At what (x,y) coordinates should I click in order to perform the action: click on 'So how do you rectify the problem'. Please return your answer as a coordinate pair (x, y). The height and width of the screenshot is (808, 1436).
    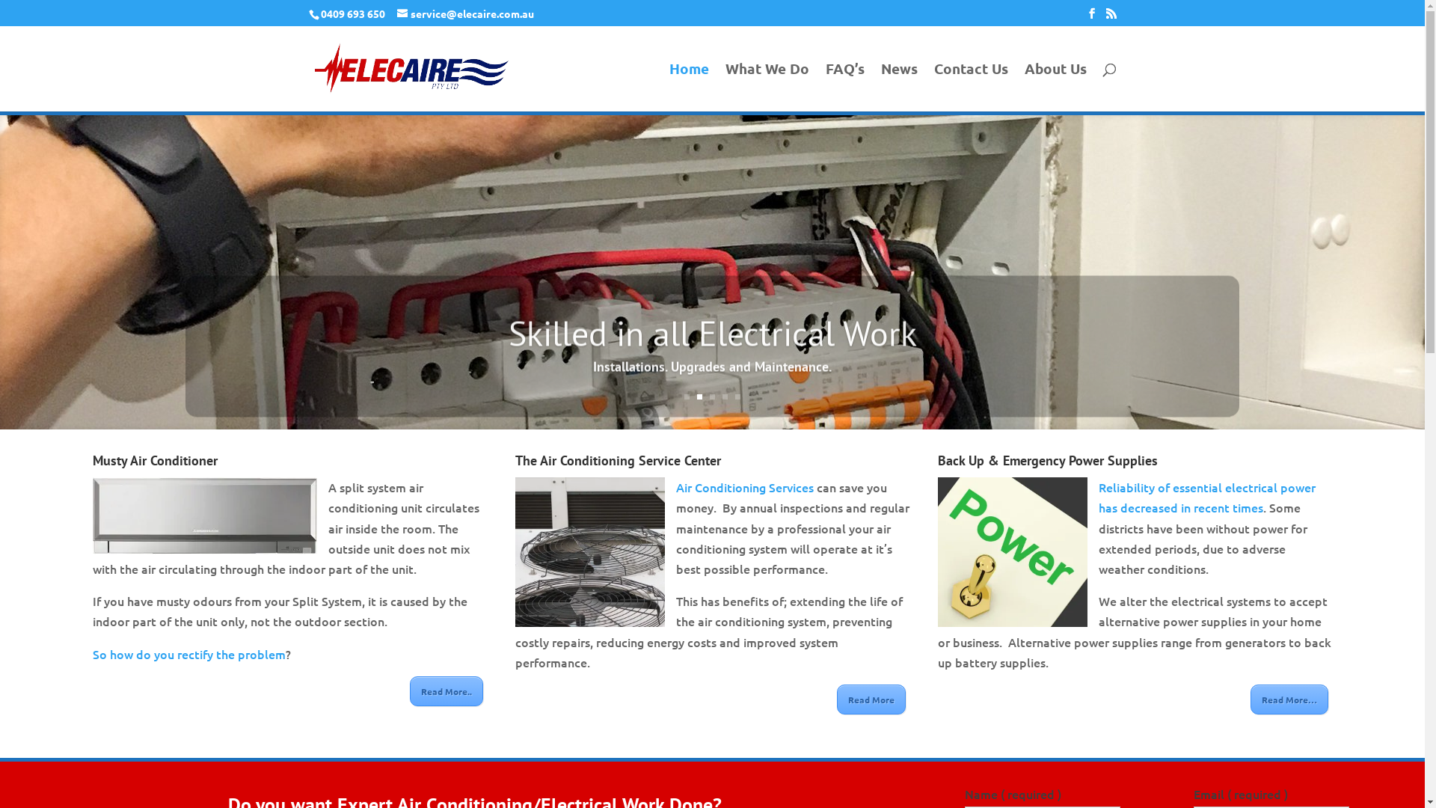
    Looking at the image, I should click on (188, 652).